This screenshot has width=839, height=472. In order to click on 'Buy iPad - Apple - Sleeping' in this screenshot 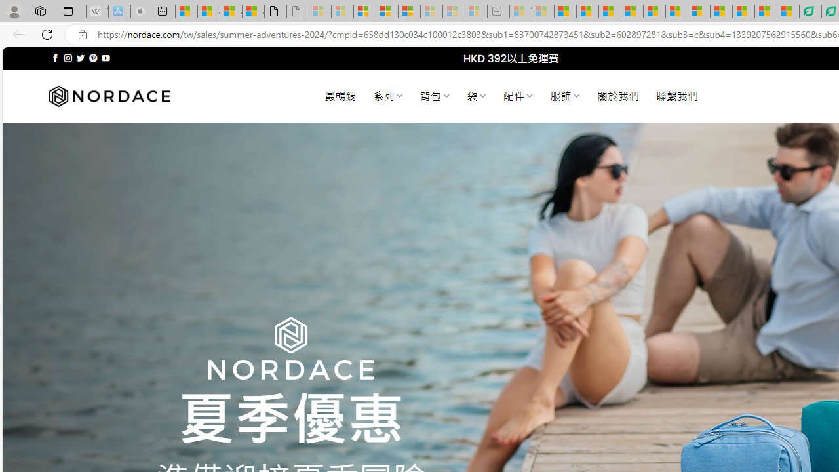, I will do `click(142, 11)`.